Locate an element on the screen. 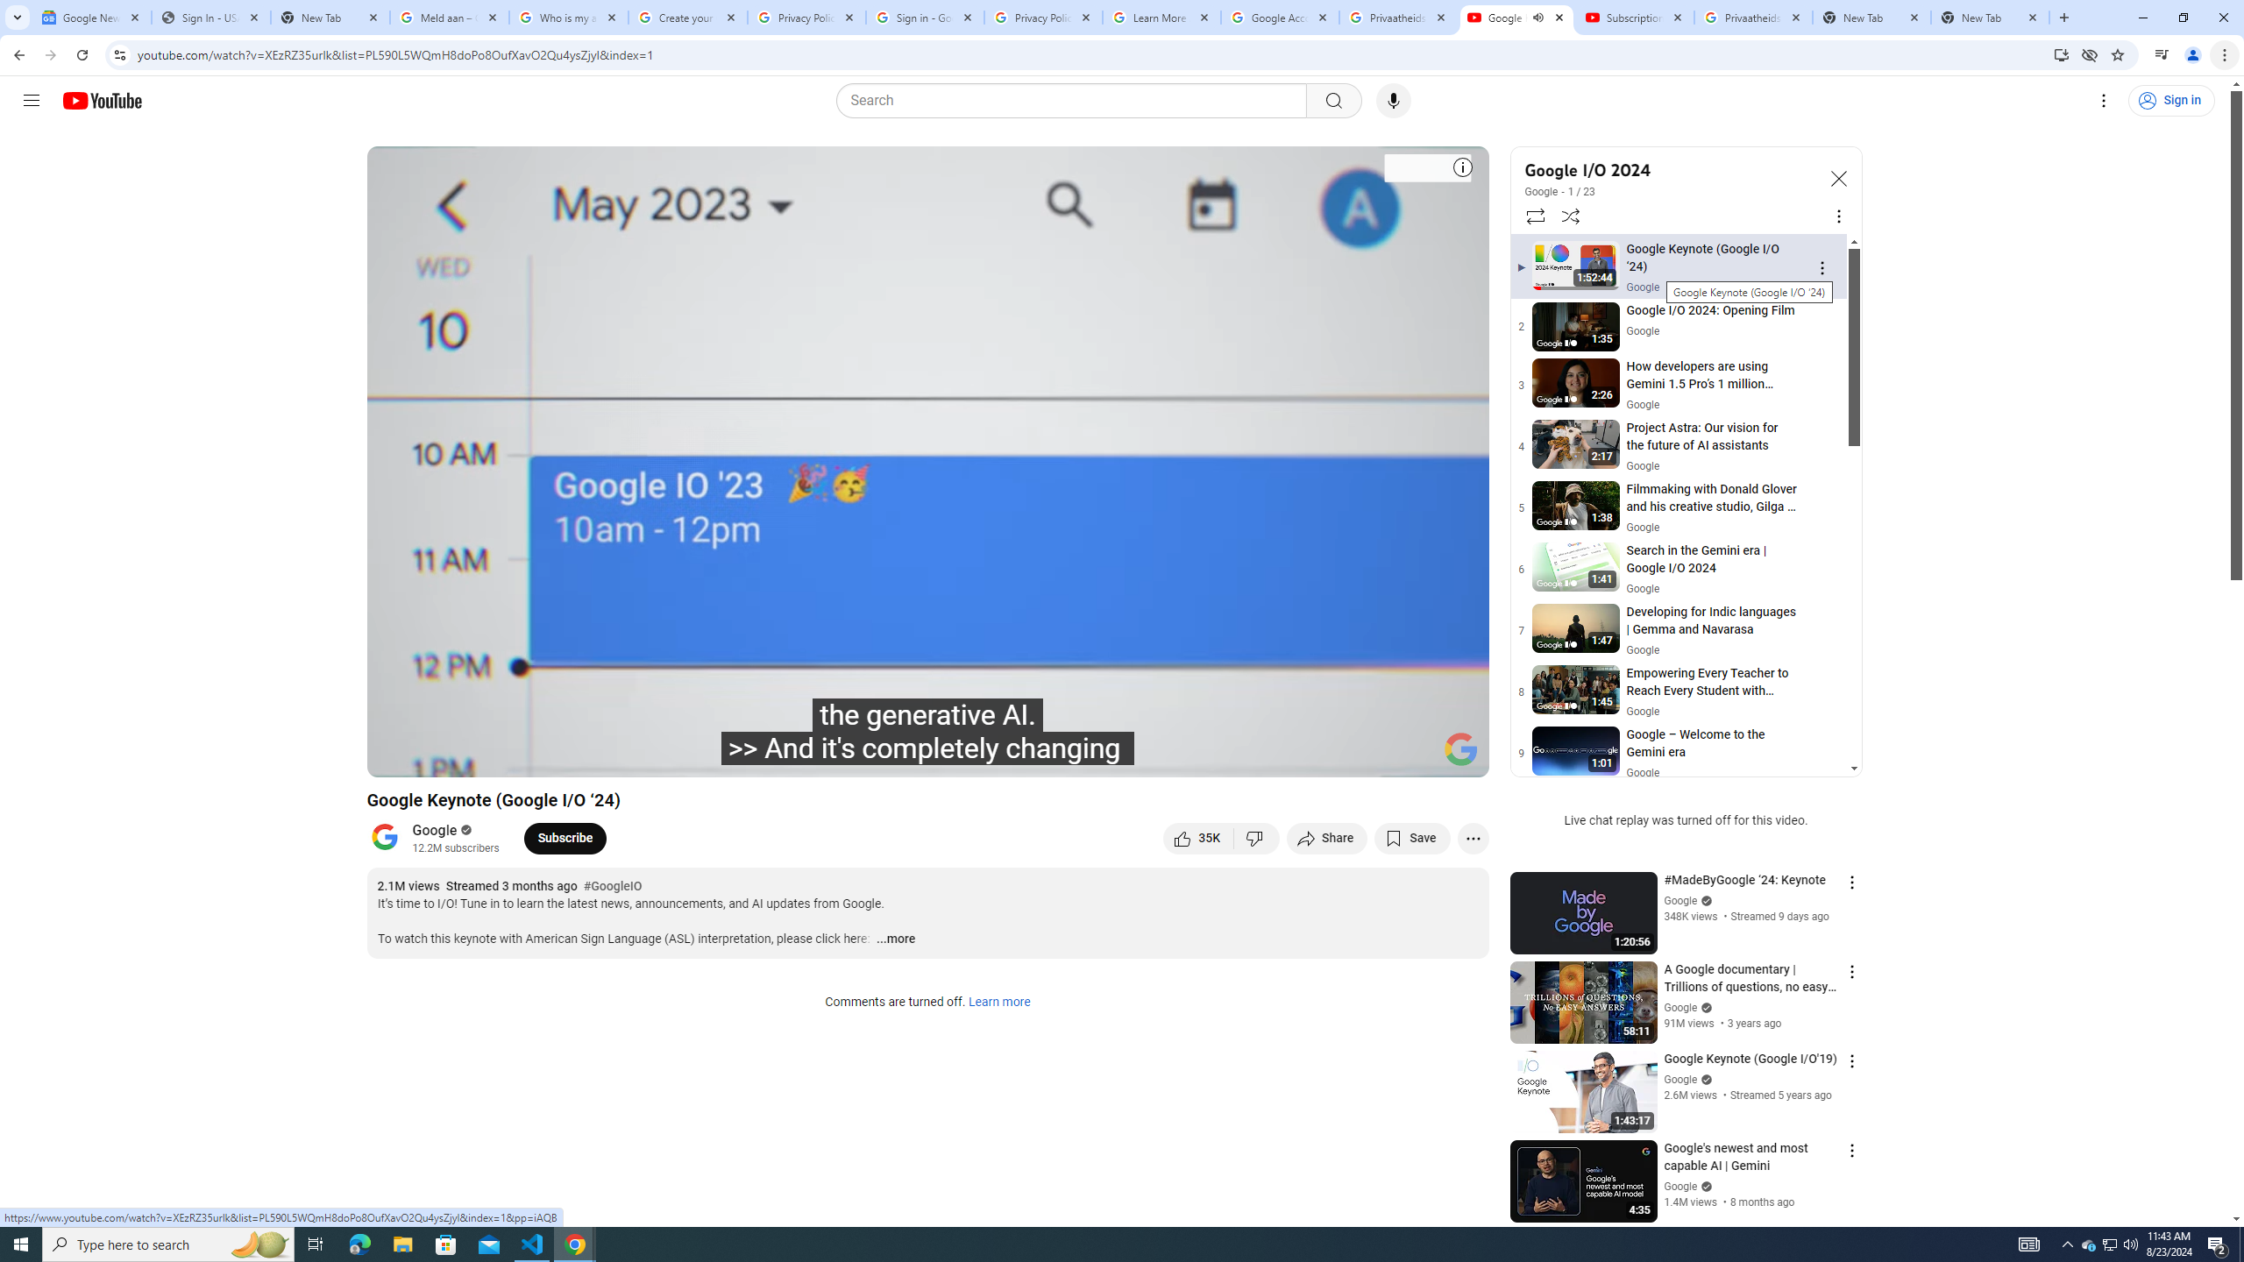 This screenshot has height=1262, width=2244. 'Learn more' is located at coordinates (998, 1003).